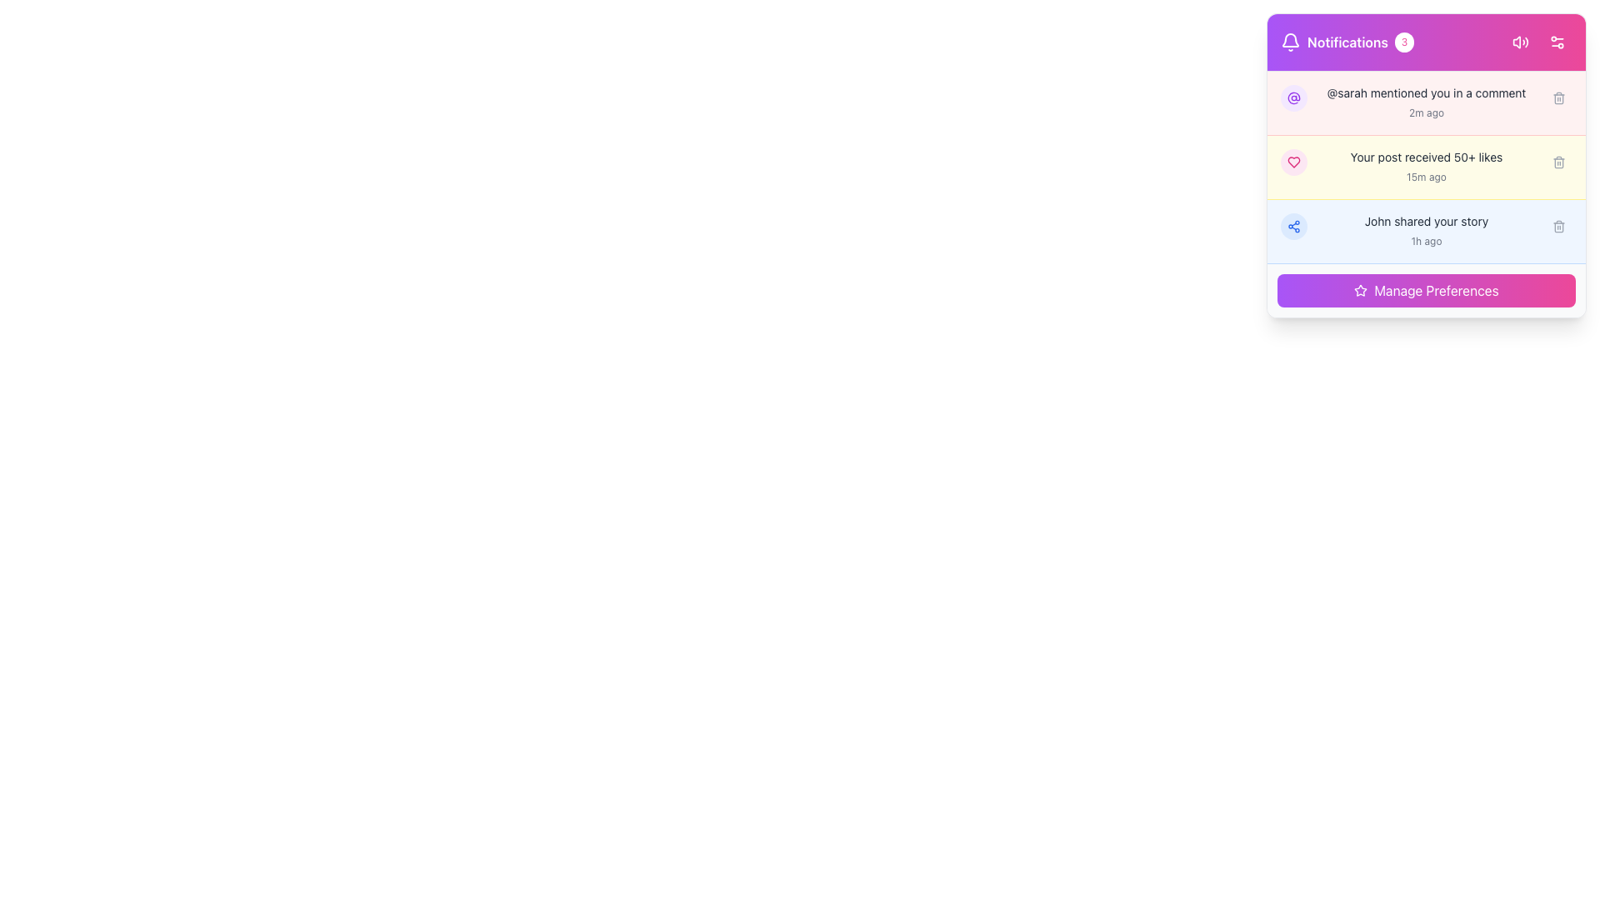 Image resolution: width=1600 pixels, height=900 pixels. Describe the element at coordinates (1556, 41) in the screenshot. I see `the settings icon, which is a white-stroked SVG gear icon located within the rounded pink button labeled 'Notification settings' at the top-right corner of the notification panel` at that location.